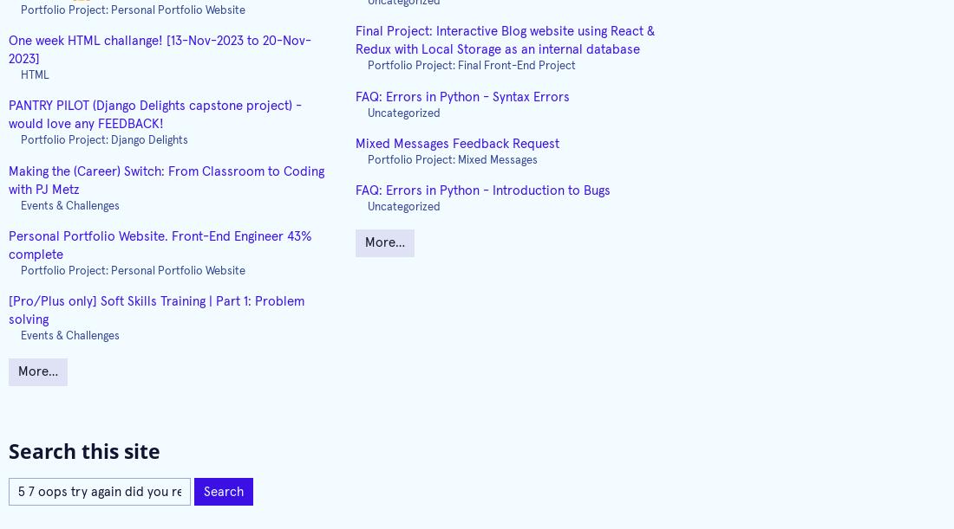 Image resolution: width=954 pixels, height=529 pixels. What do you see at coordinates (84, 450) in the screenshot?
I see `'Search this site'` at bounding box center [84, 450].